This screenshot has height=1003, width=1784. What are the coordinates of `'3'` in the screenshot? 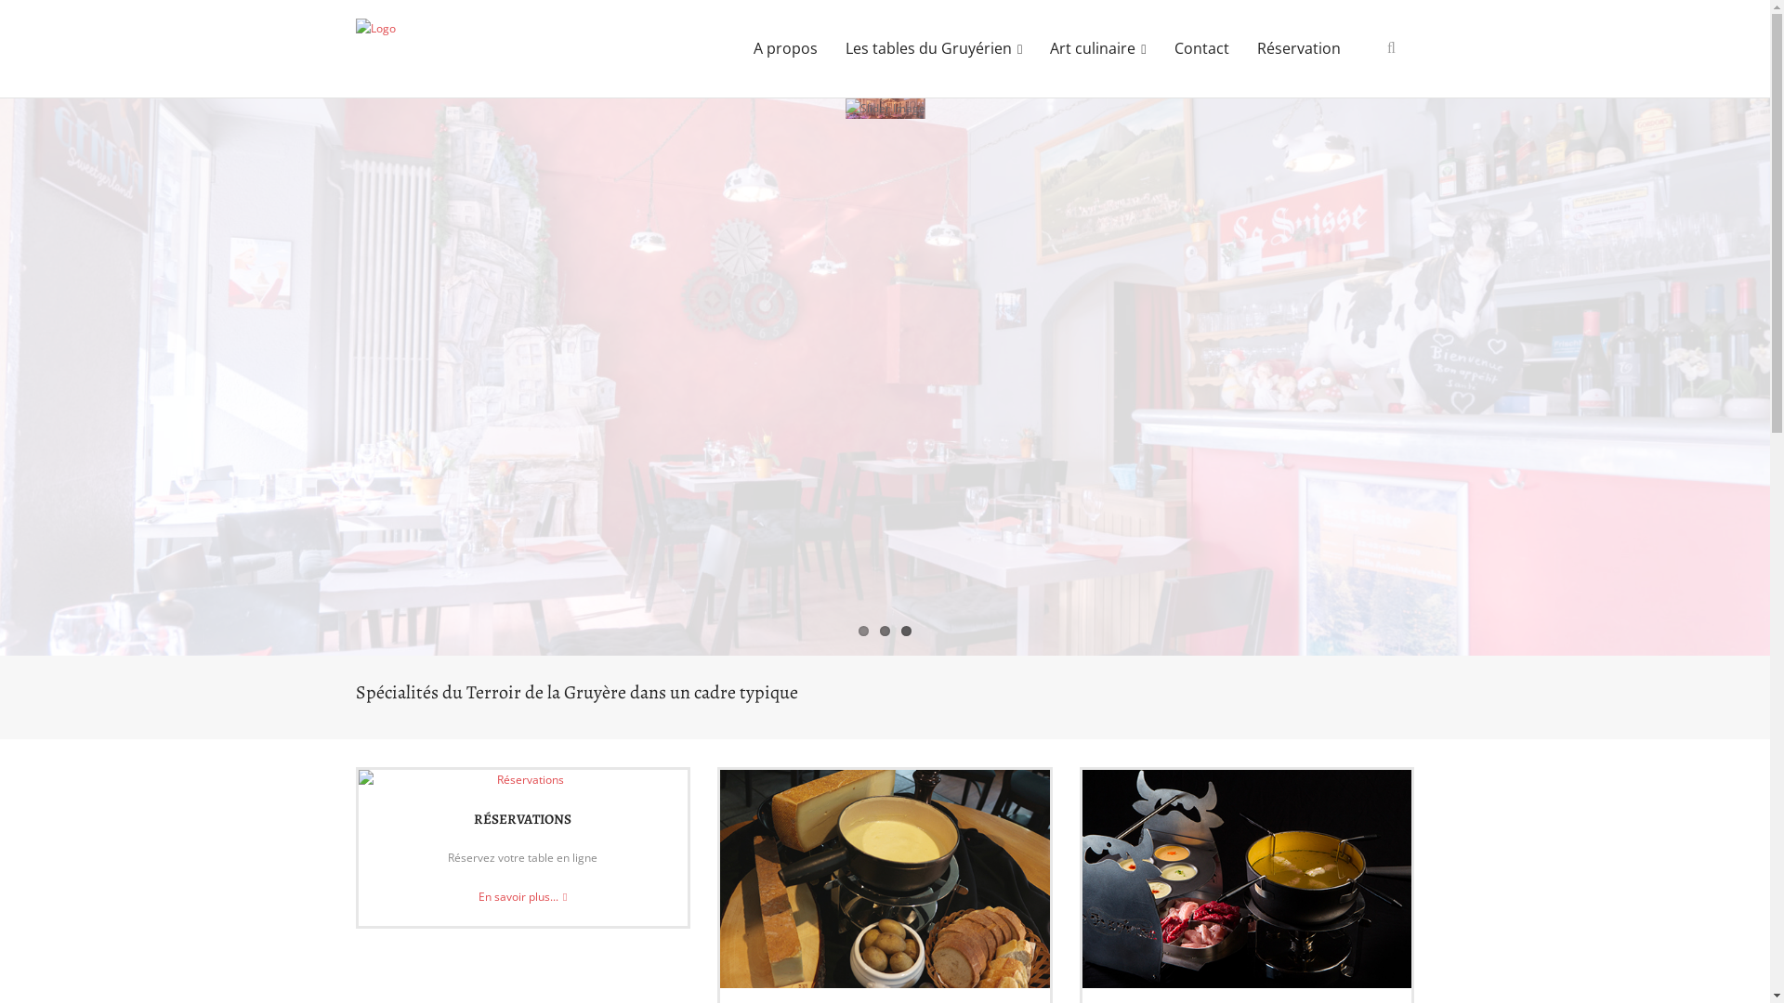 It's located at (906, 630).